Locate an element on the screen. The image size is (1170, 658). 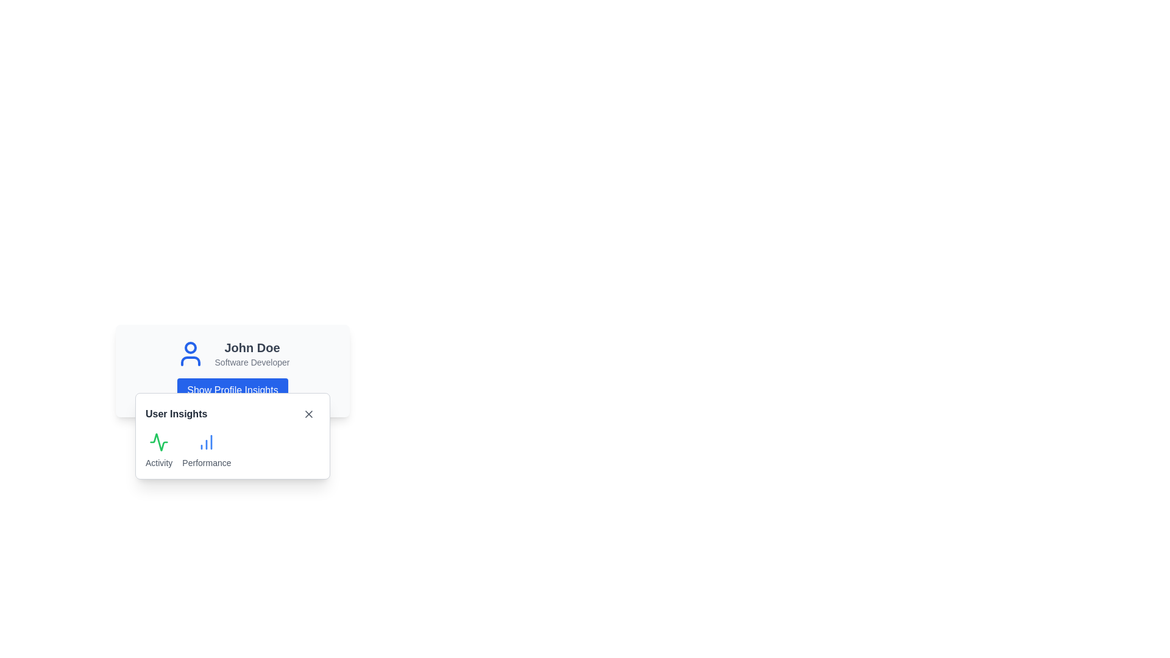
the text label displaying 'Performance' in gray color, located below the icon in the 'User Insights' popup window is located at coordinates (207, 462).